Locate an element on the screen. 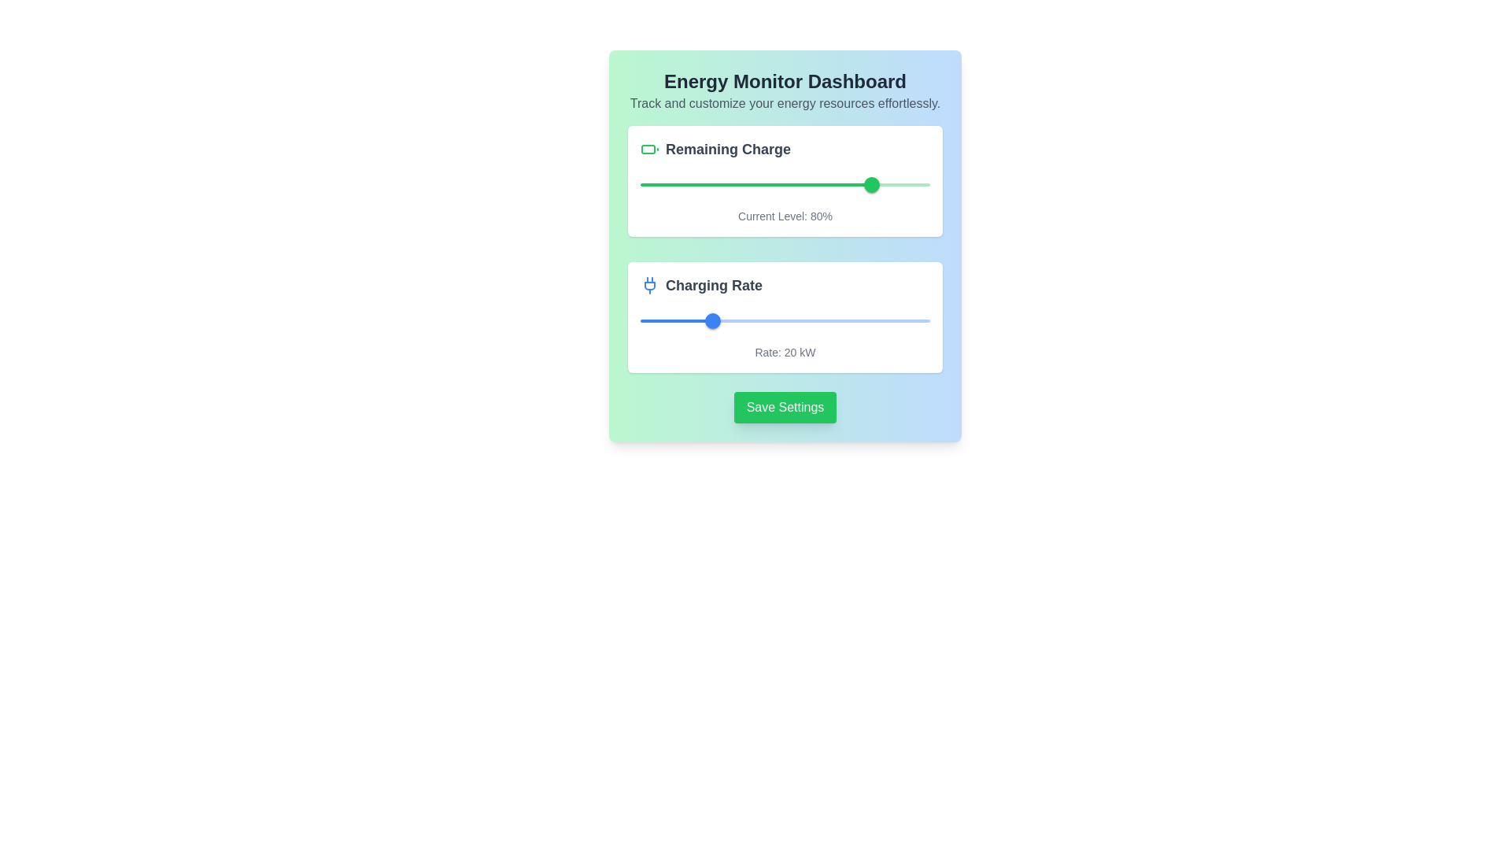  the green 'Save Settings' button located at the bottom-center of the 'Energy Monitor Dashboard' card is located at coordinates (785, 406).